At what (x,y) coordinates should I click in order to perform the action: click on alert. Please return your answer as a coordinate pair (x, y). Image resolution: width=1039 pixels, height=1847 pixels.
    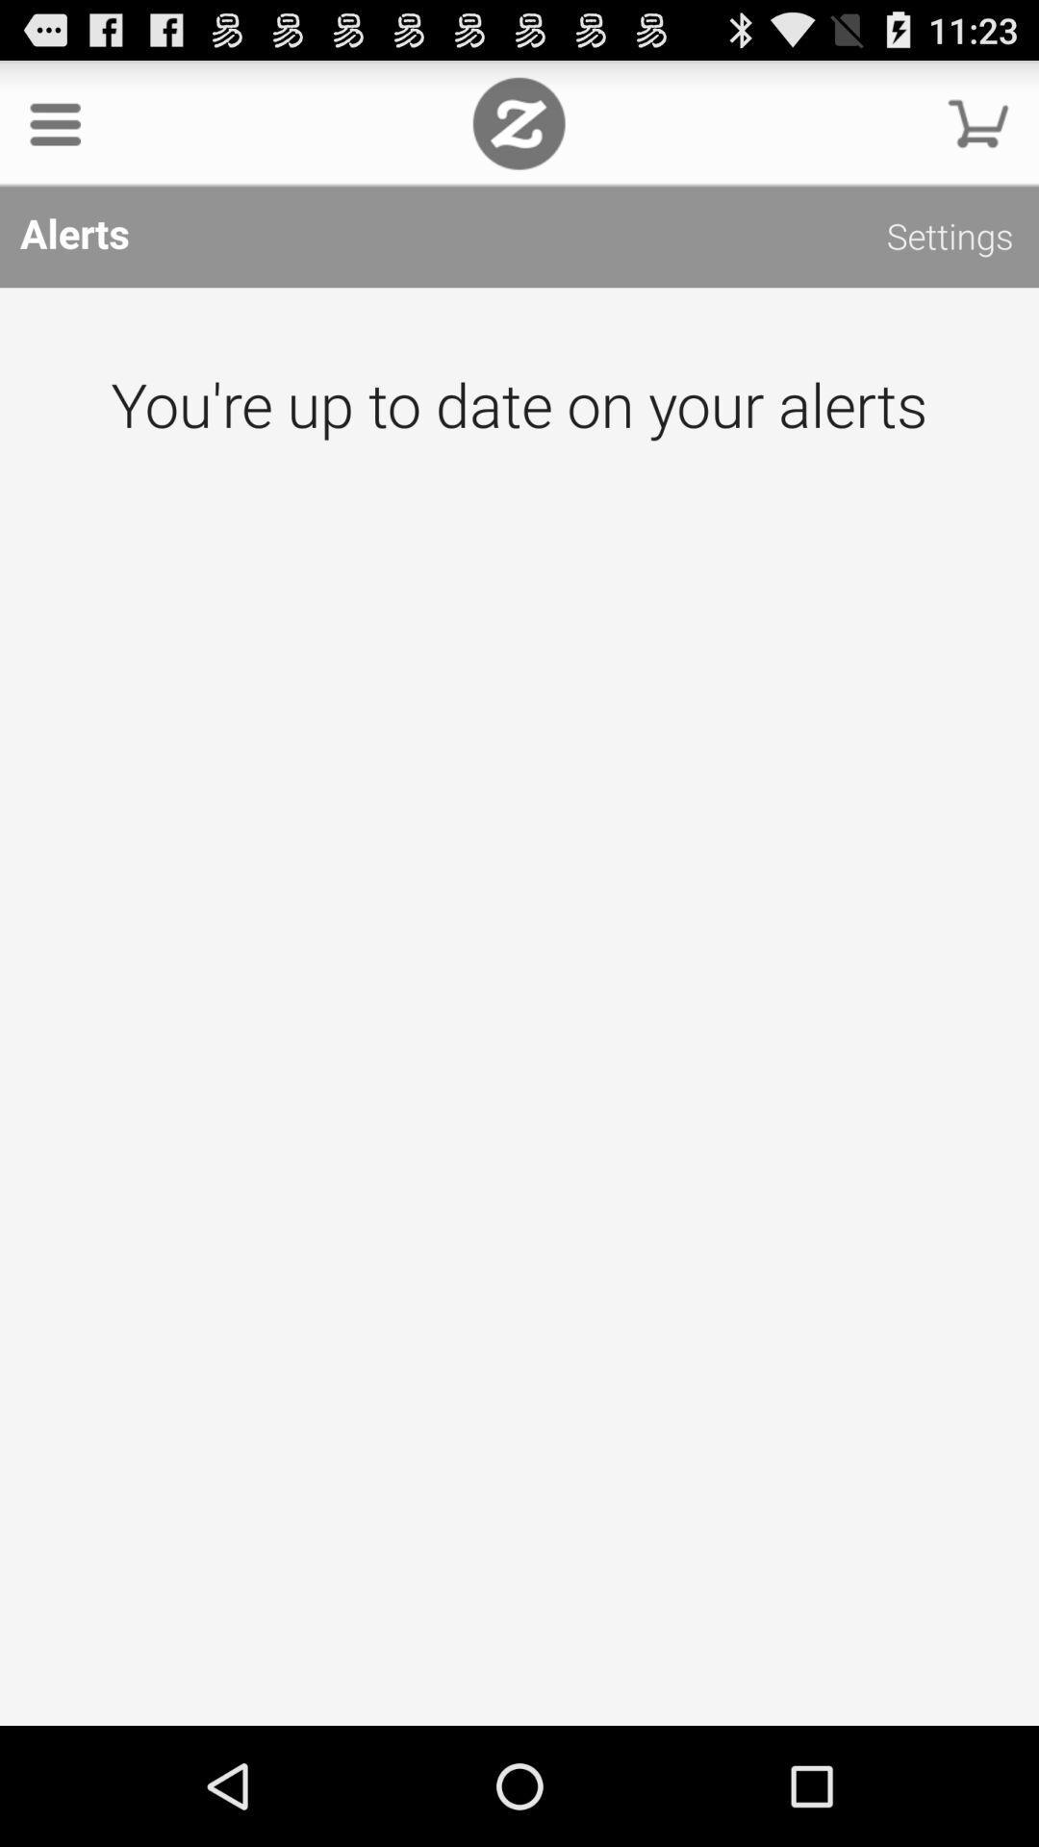
    Looking at the image, I should click on (519, 1005).